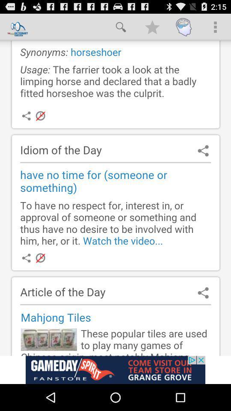  Describe the element at coordinates (115, 198) in the screenshot. I see `searching information` at that location.